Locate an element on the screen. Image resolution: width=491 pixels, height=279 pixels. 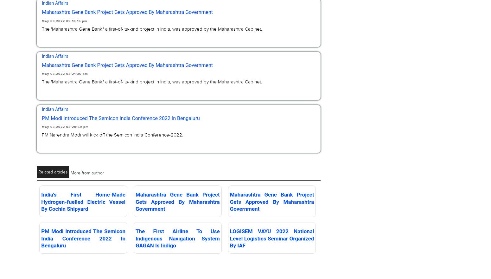
'More from author' is located at coordinates (87, 173).